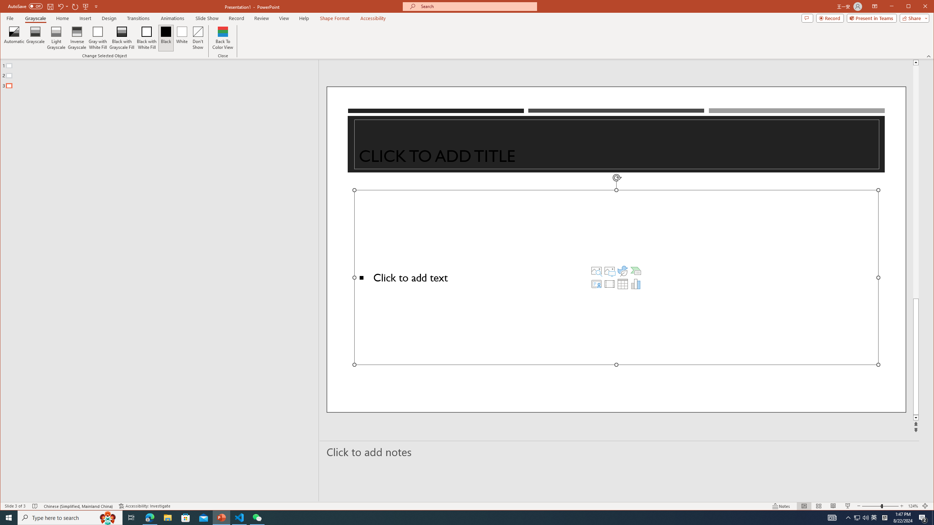 The width and height of the screenshot is (934, 525). What do you see at coordinates (61, 6) in the screenshot?
I see `'Undo'` at bounding box center [61, 6].